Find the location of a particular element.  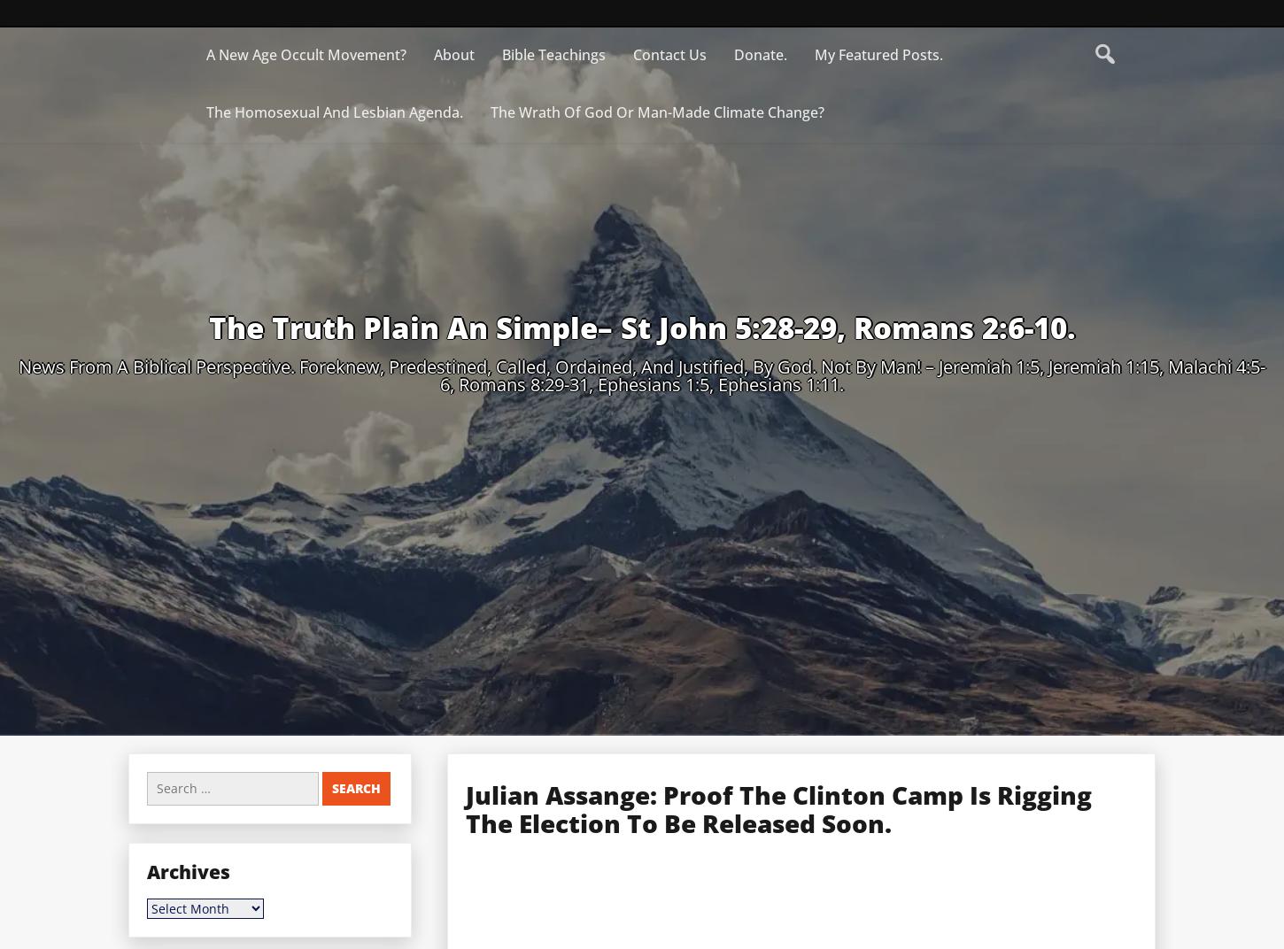

'Donate.' is located at coordinates (758, 53).